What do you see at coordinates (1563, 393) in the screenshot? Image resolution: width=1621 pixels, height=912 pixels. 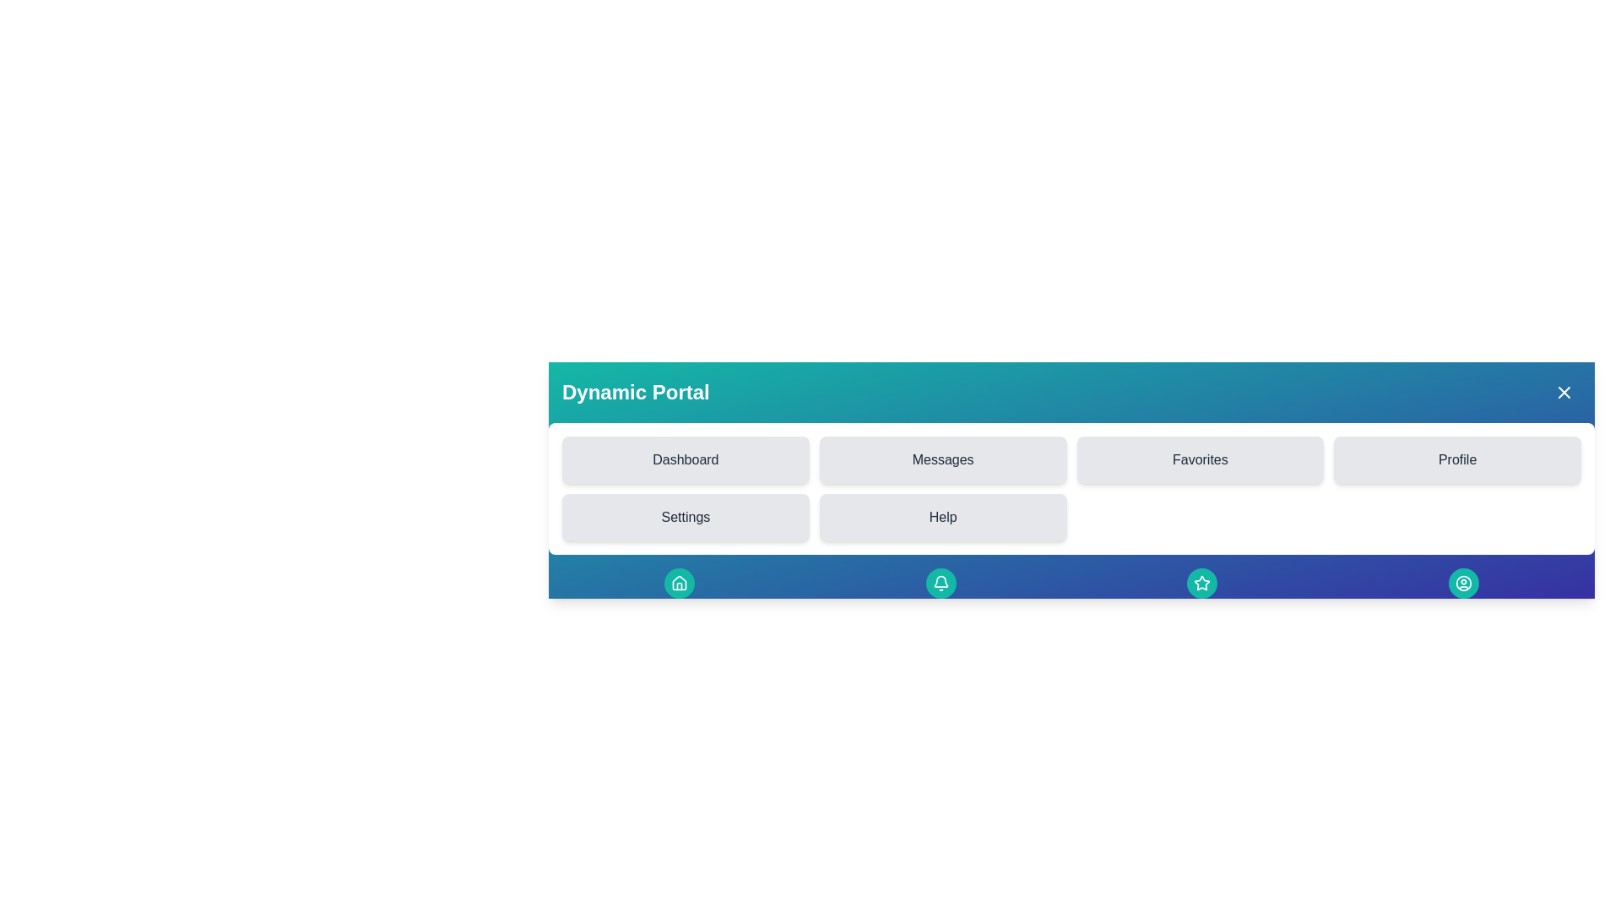 I see `the close button to toggle the menu visibility` at bounding box center [1563, 393].